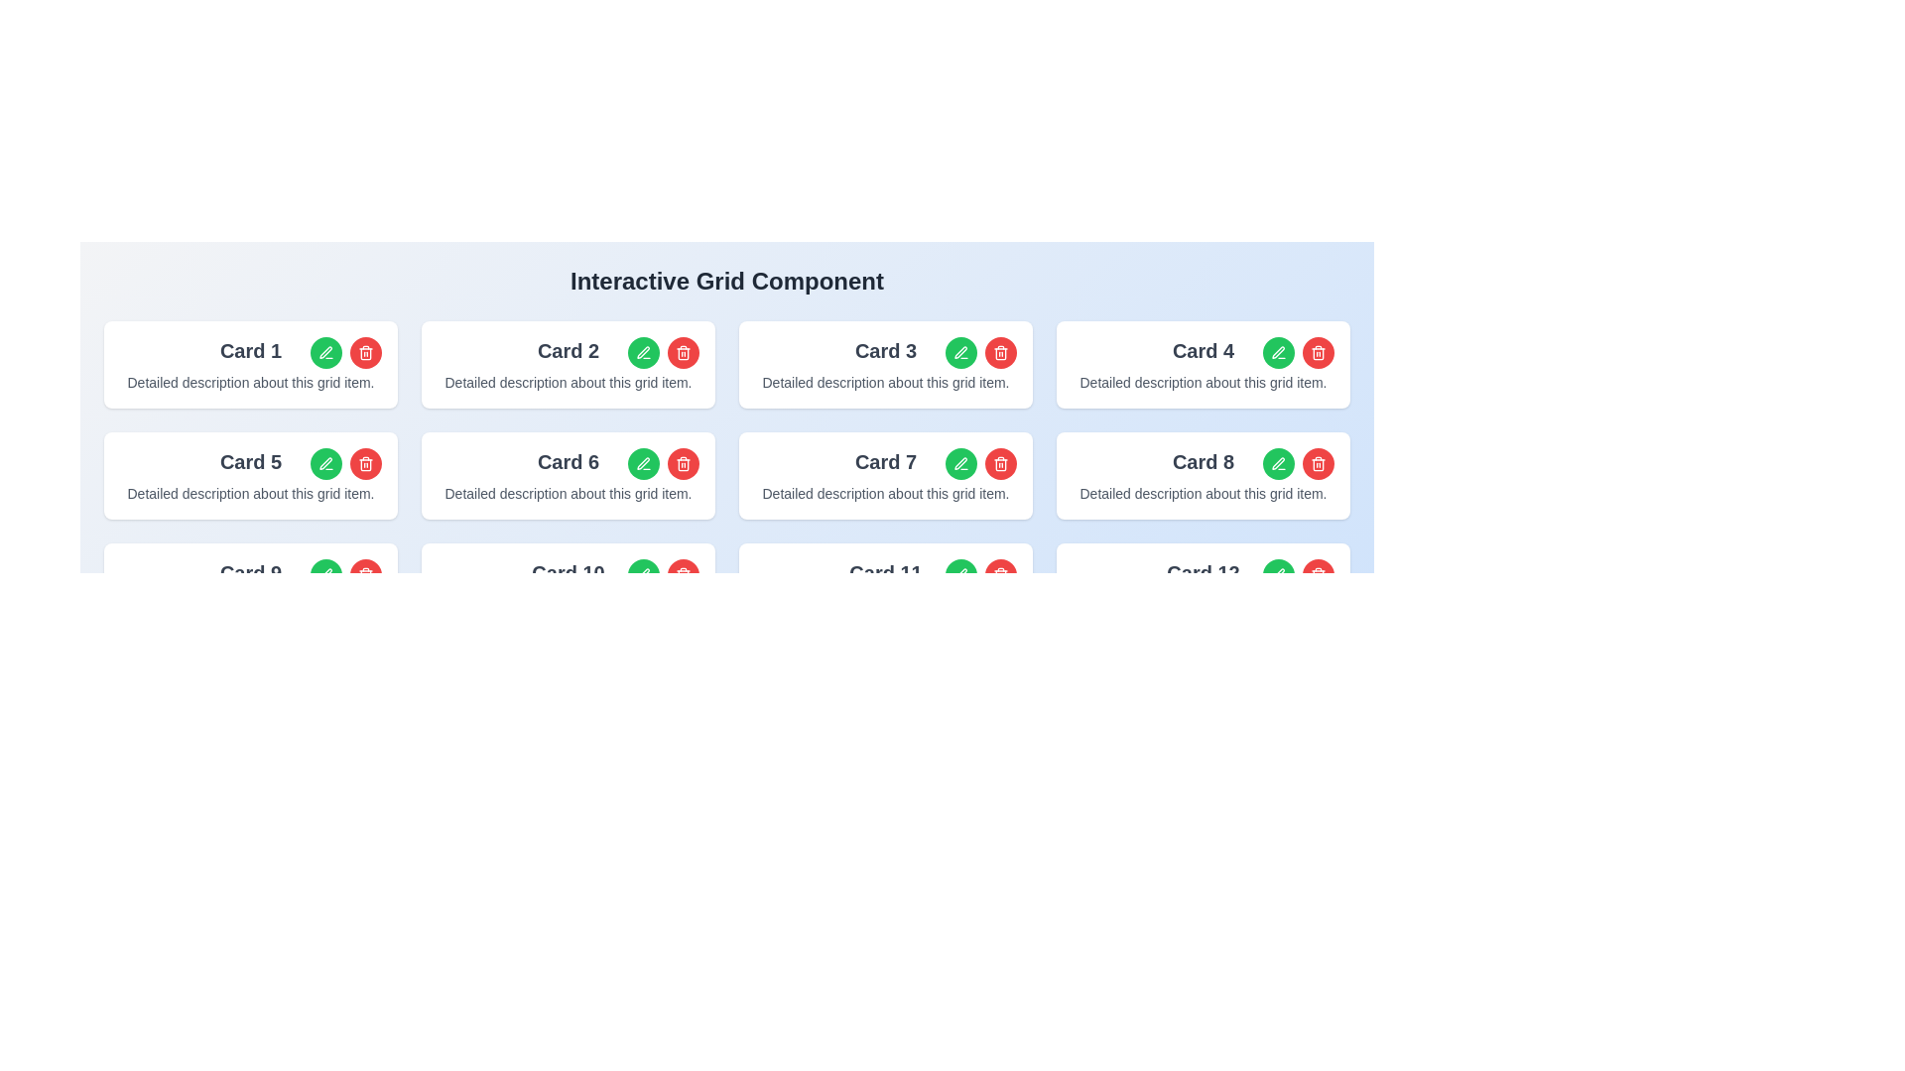  Describe the element at coordinates (684, 353) in the screenshot. I see `the trash can body element in the SVG that symbolizes delete functionality, located in the top-right corner of 'Card 6'` at that location.